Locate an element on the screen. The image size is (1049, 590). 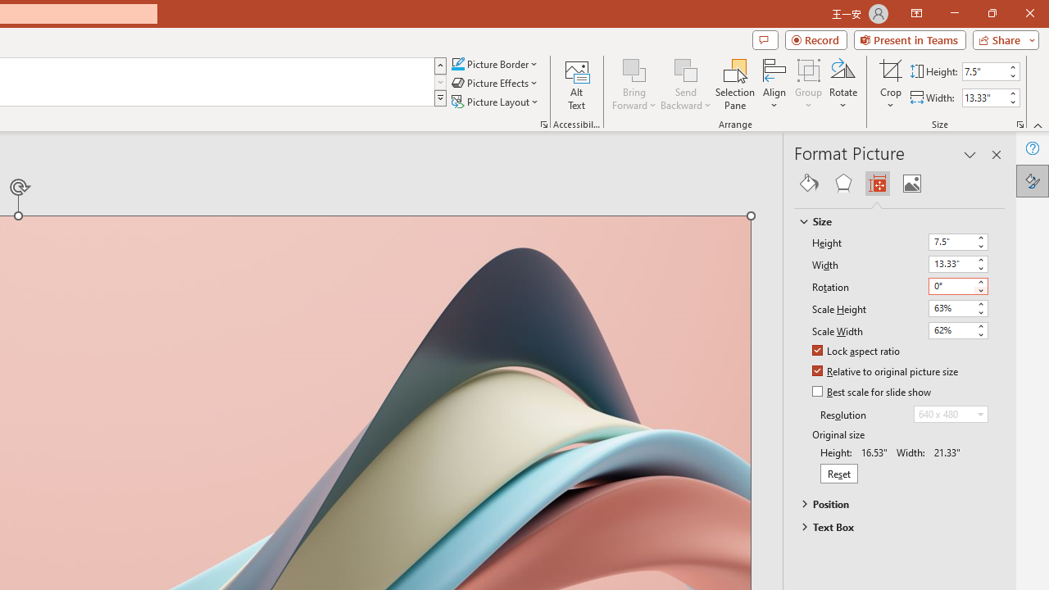
'Bring Forward' is located at coordinates (633, 84).